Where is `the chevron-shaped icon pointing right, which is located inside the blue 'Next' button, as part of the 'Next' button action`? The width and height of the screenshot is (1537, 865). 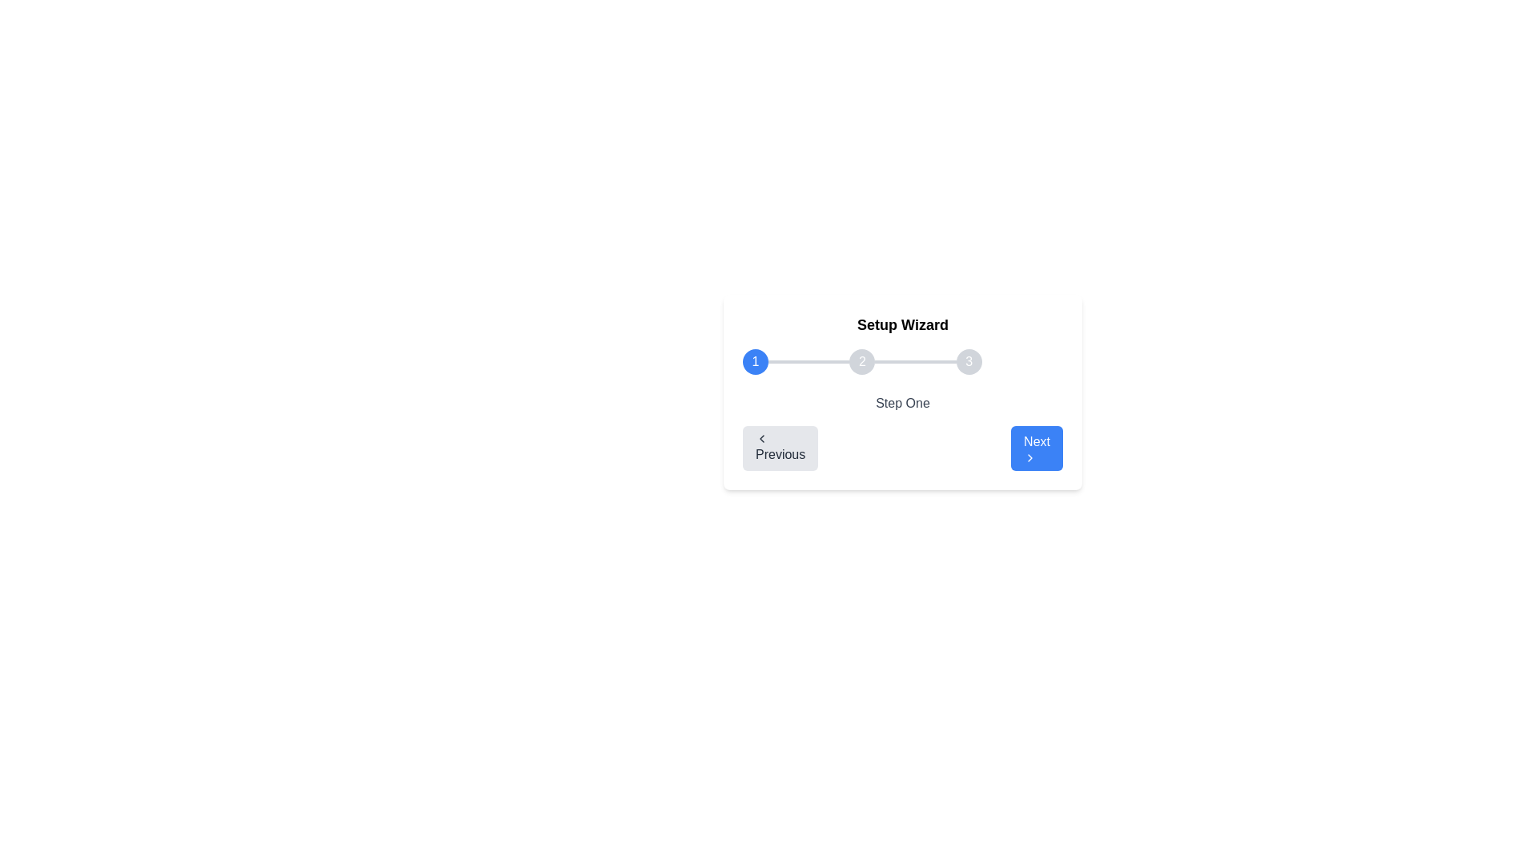 the chevron-shaped icon pointing right, which is located inside the blue 'Next' button, as part of the 'Next' button action is located at coordinates (1030, 457).